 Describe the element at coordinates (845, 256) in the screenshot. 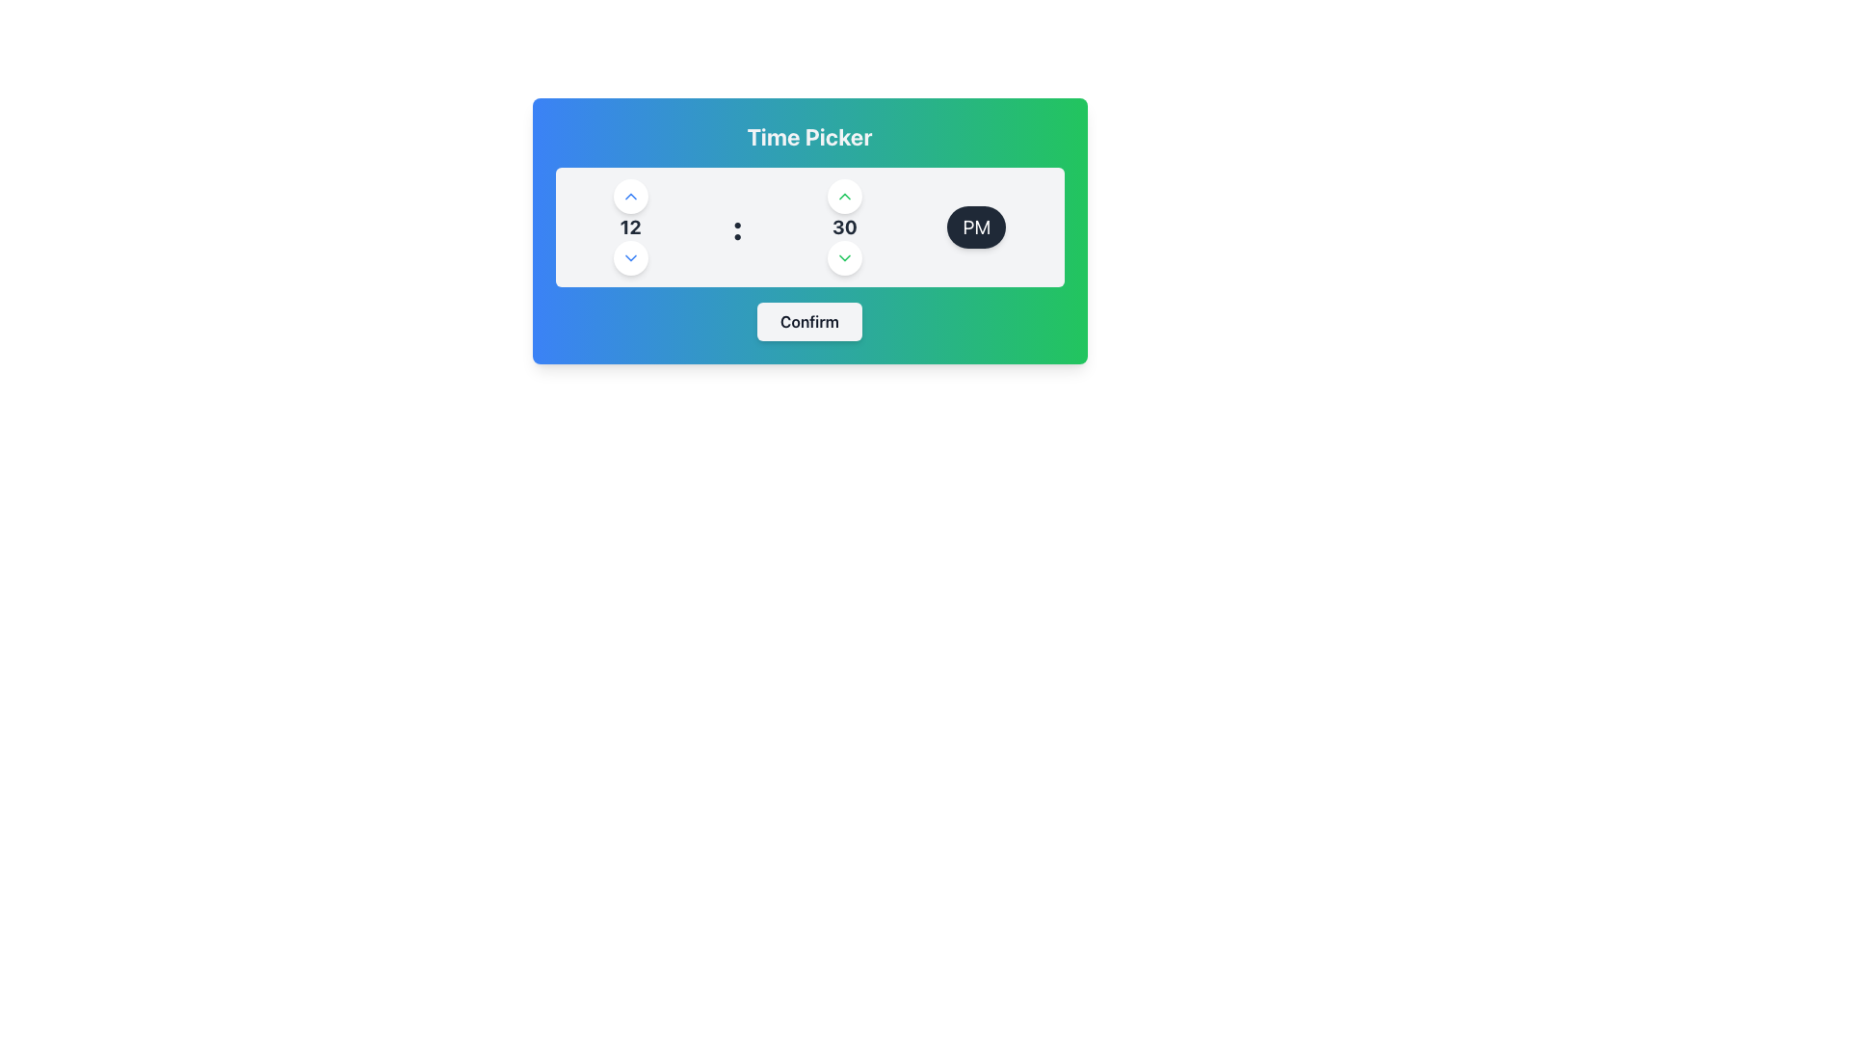

I see `the downward chevron button located at the bottom of the time selection column labeled '30' to decrement the minute value` at that location.